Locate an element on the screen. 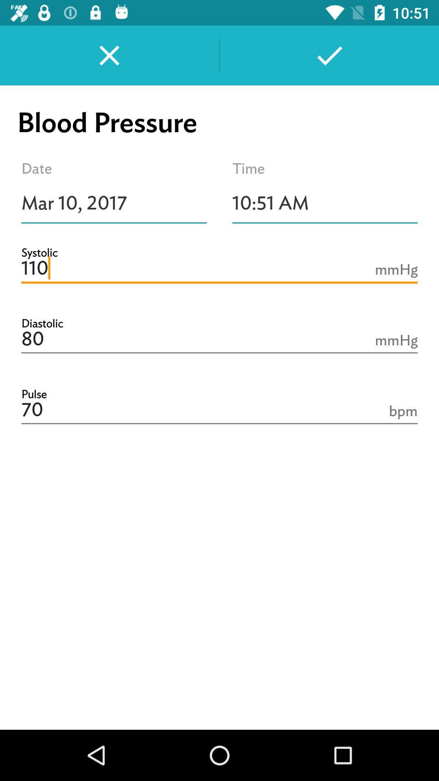 The width and height of the screenshot is (439, 781). icon above 110 is located at coordinates (114, 203).